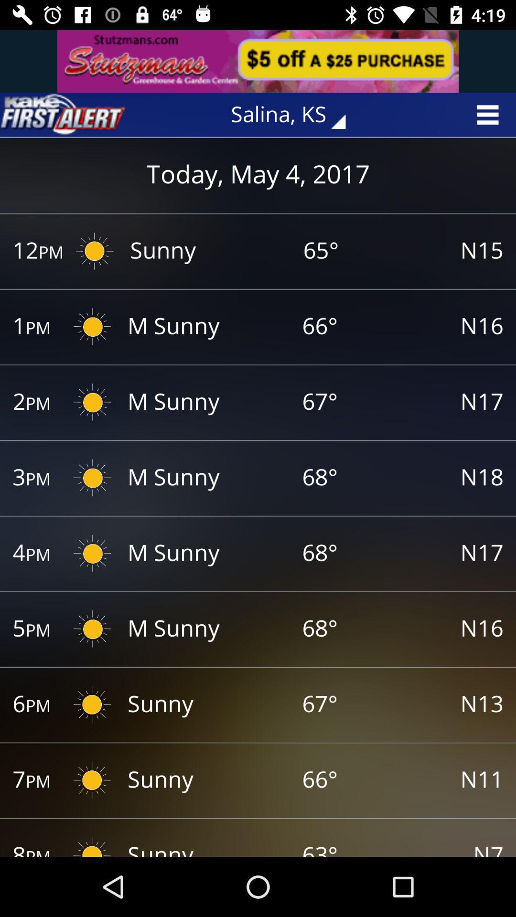  I want to click on return to the main screen, so click(63, 115).